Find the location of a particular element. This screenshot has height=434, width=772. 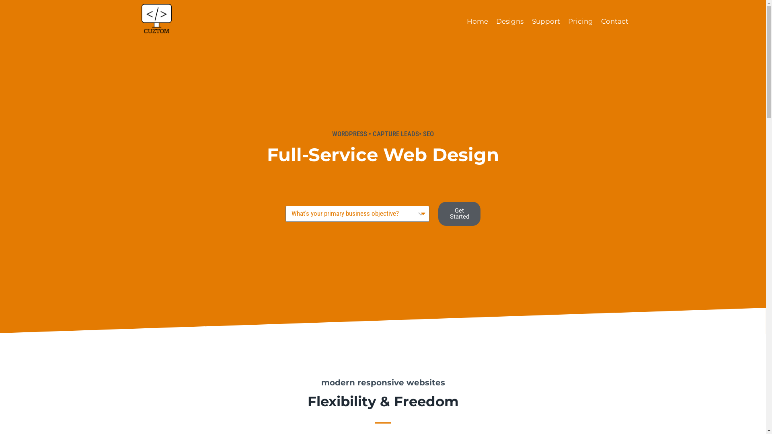

'Contact' is located at coordinates (614, 21).